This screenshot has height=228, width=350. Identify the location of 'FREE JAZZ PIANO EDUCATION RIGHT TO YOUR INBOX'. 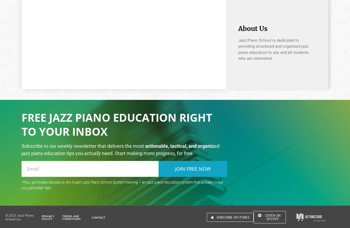
(117, 124).